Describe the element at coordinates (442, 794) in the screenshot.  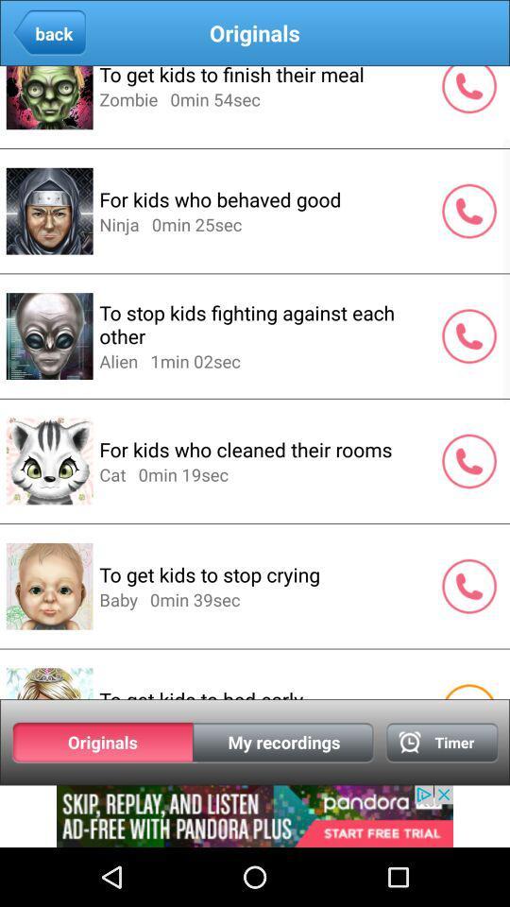
I see `the videocam icon` at that location.